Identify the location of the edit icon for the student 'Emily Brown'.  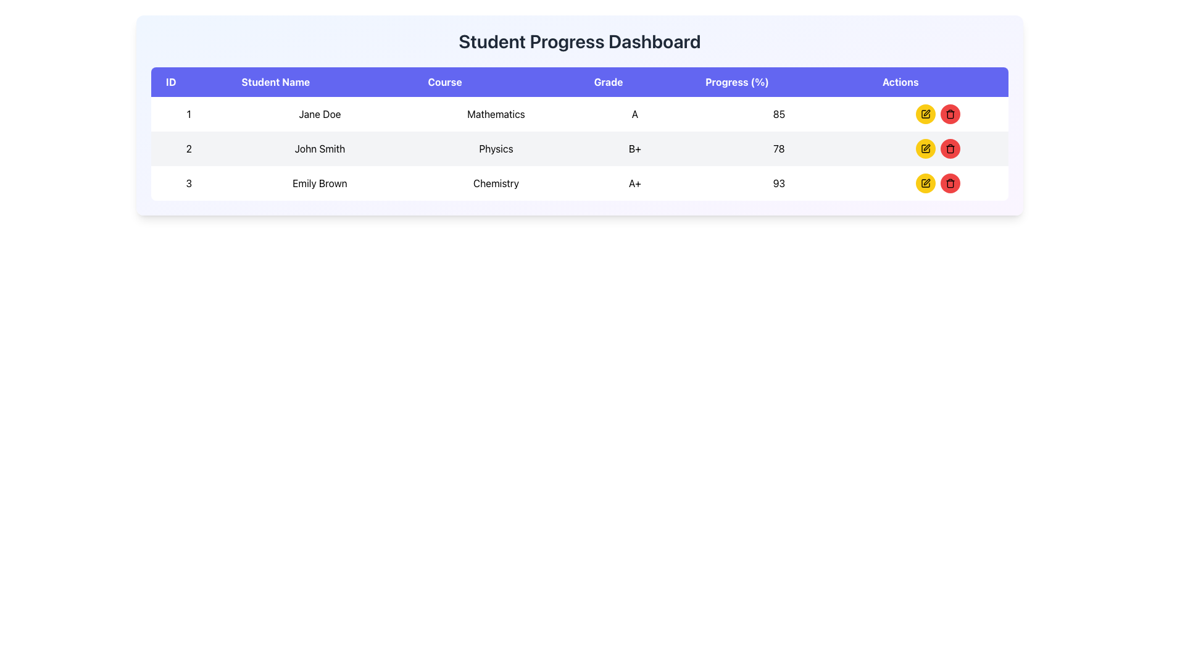
(926, 182).